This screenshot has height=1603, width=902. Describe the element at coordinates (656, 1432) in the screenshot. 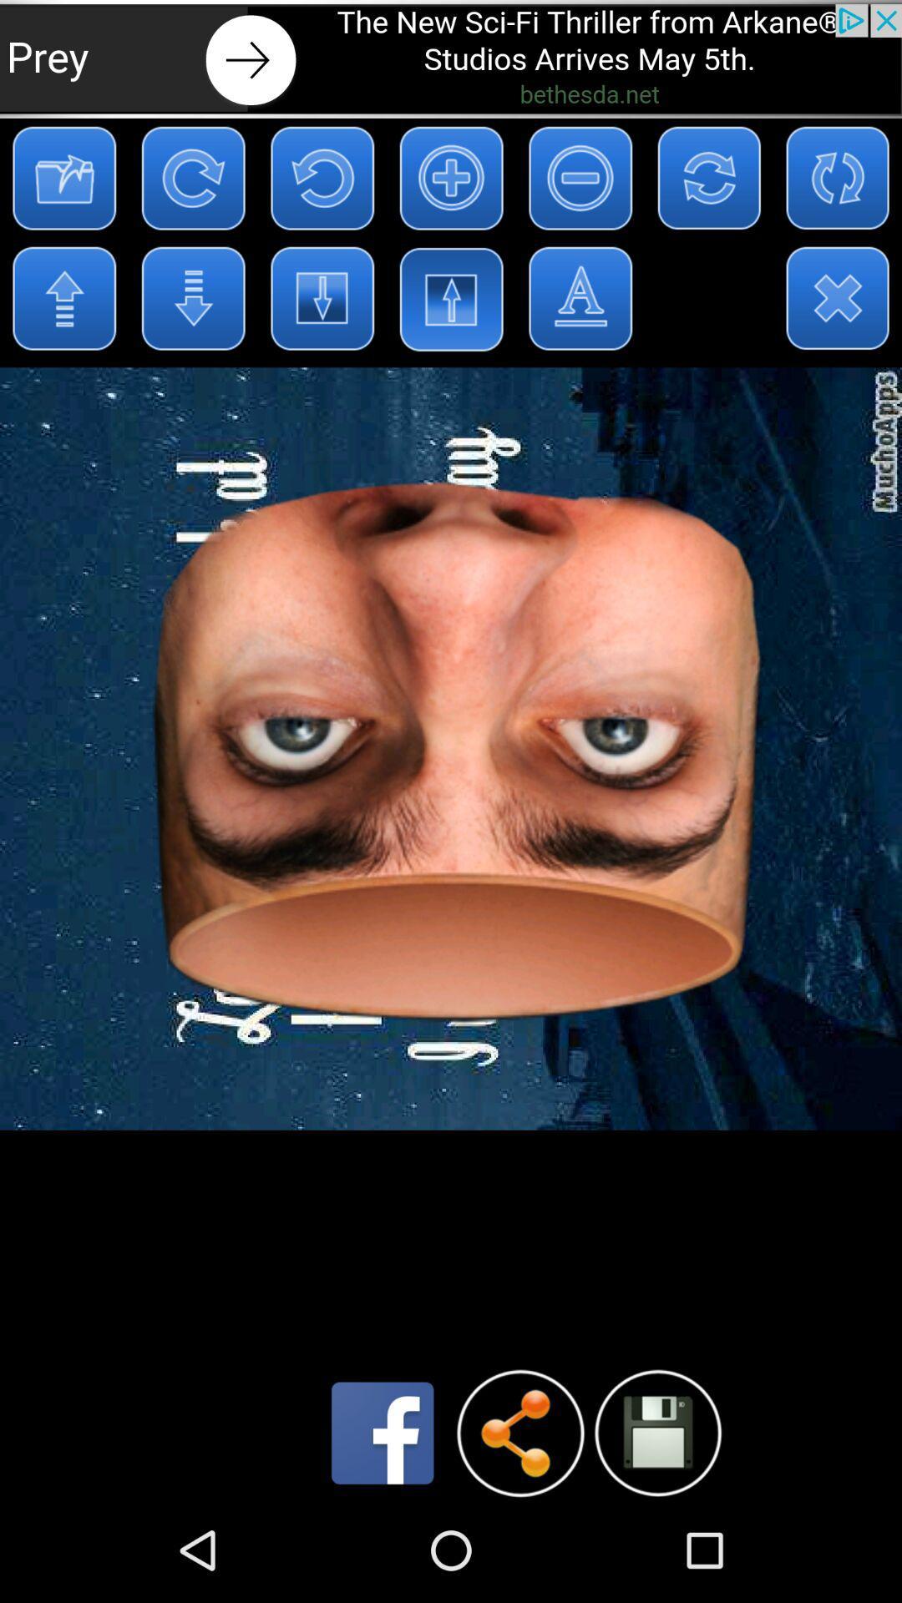

I see `file` at that location.